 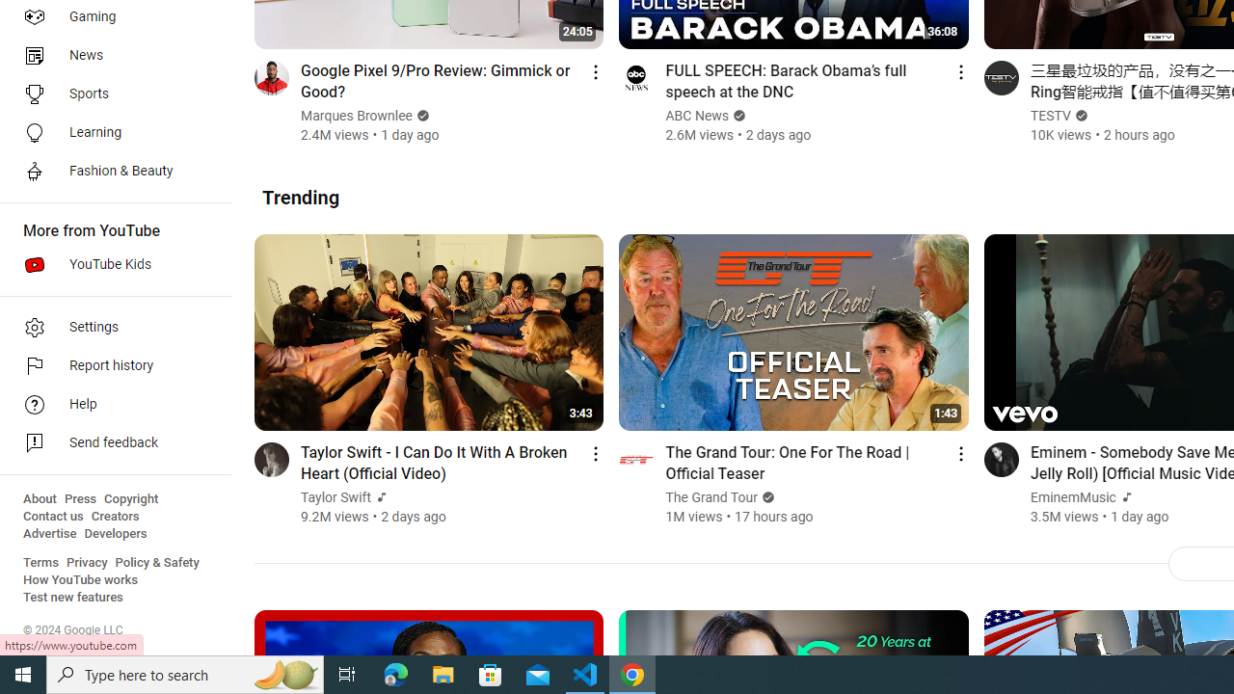 I want to click on 'Taylor Swift', so click(x=336, y=496).